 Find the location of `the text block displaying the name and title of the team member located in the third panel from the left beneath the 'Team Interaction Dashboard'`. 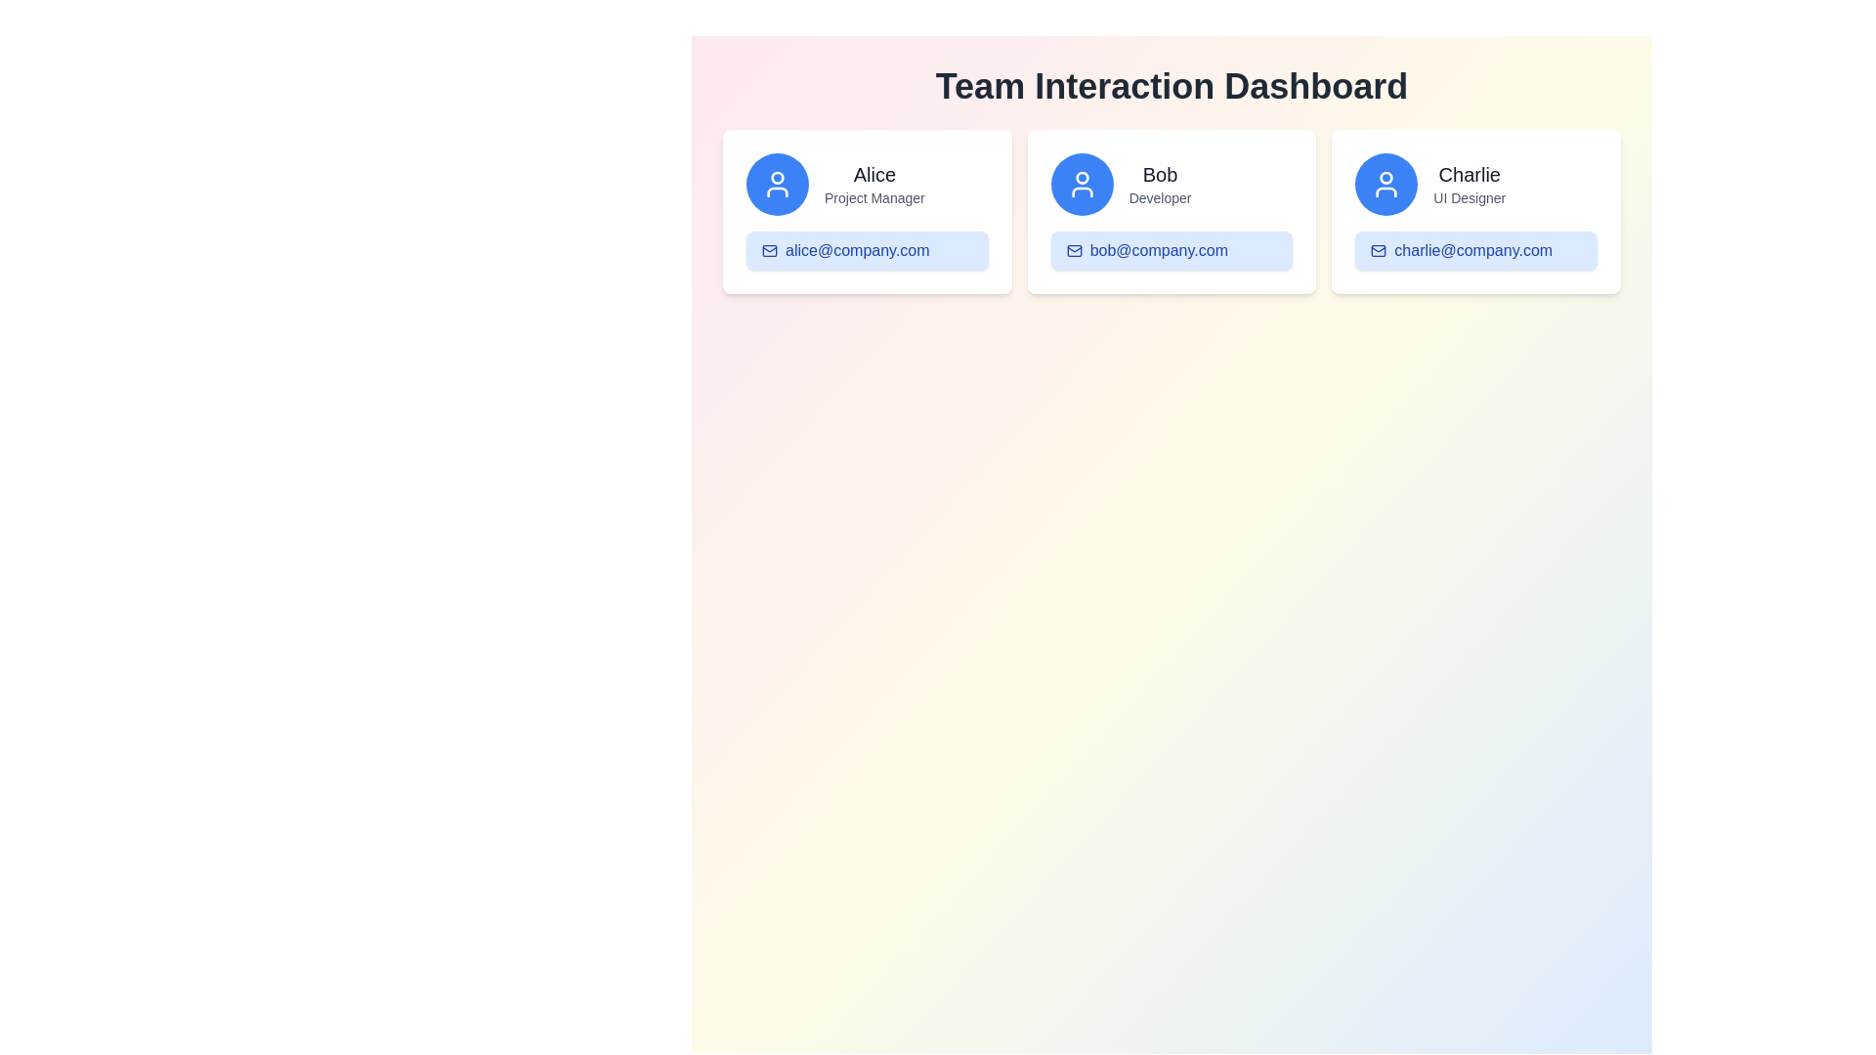

the text block displaying the name and title of the team member located in the third panel from the left beneath the 'Team Interaction Dashboard' is located at coordinates (1476, 185).